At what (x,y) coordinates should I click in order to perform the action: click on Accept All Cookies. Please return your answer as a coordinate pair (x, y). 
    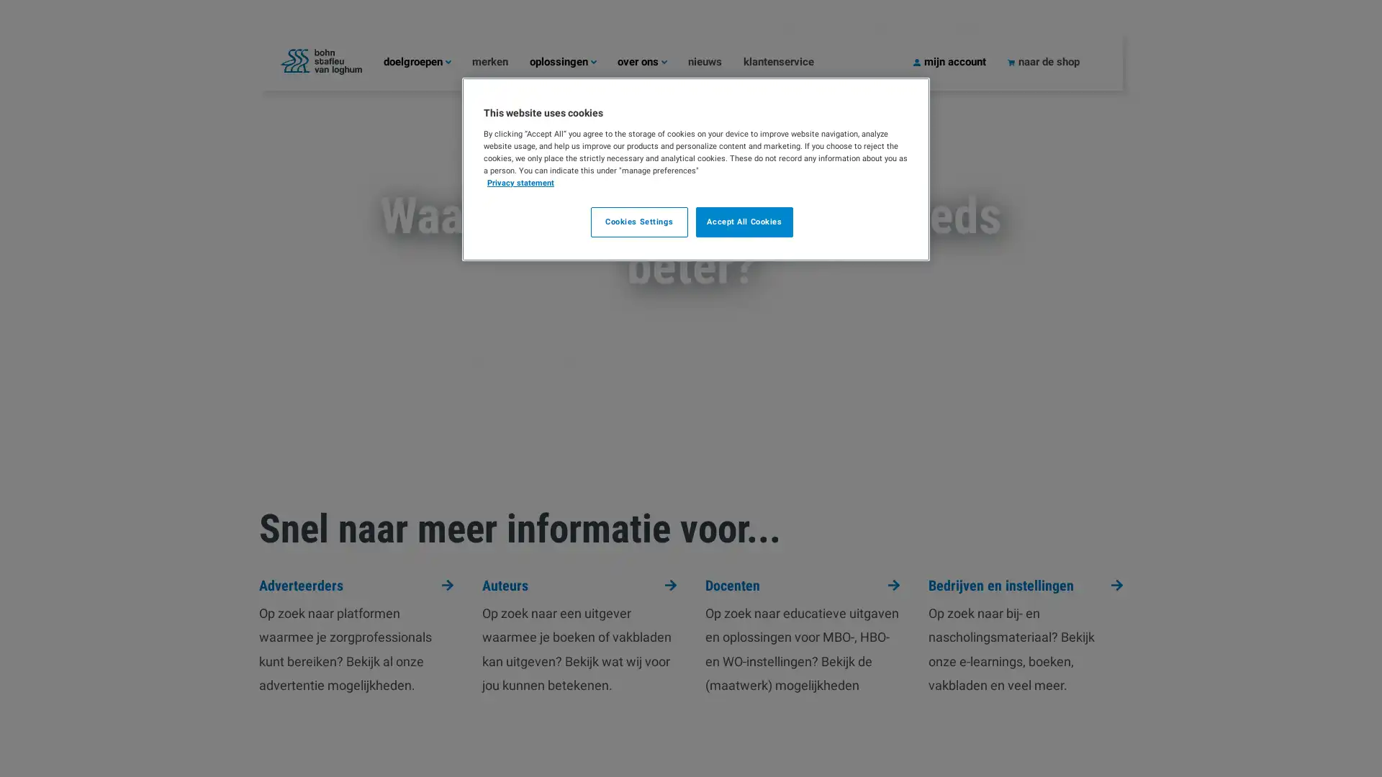
    Looking at the image, I should click on (744, 222).